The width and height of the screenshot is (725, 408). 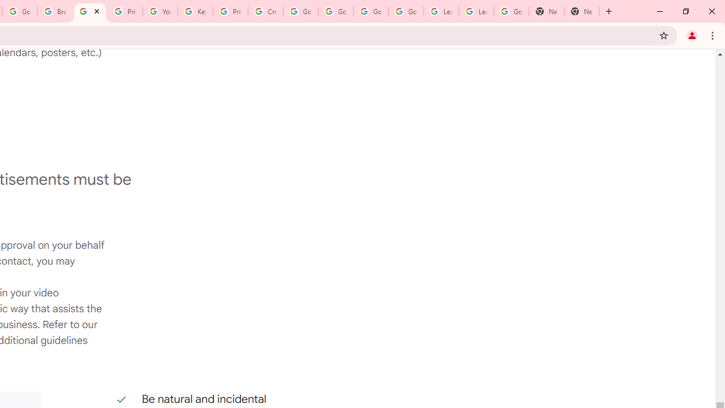 What do you see at coordinates (547, 11) in the screenshot?
I see `'New Tab'` at bounding box center [547, 11].